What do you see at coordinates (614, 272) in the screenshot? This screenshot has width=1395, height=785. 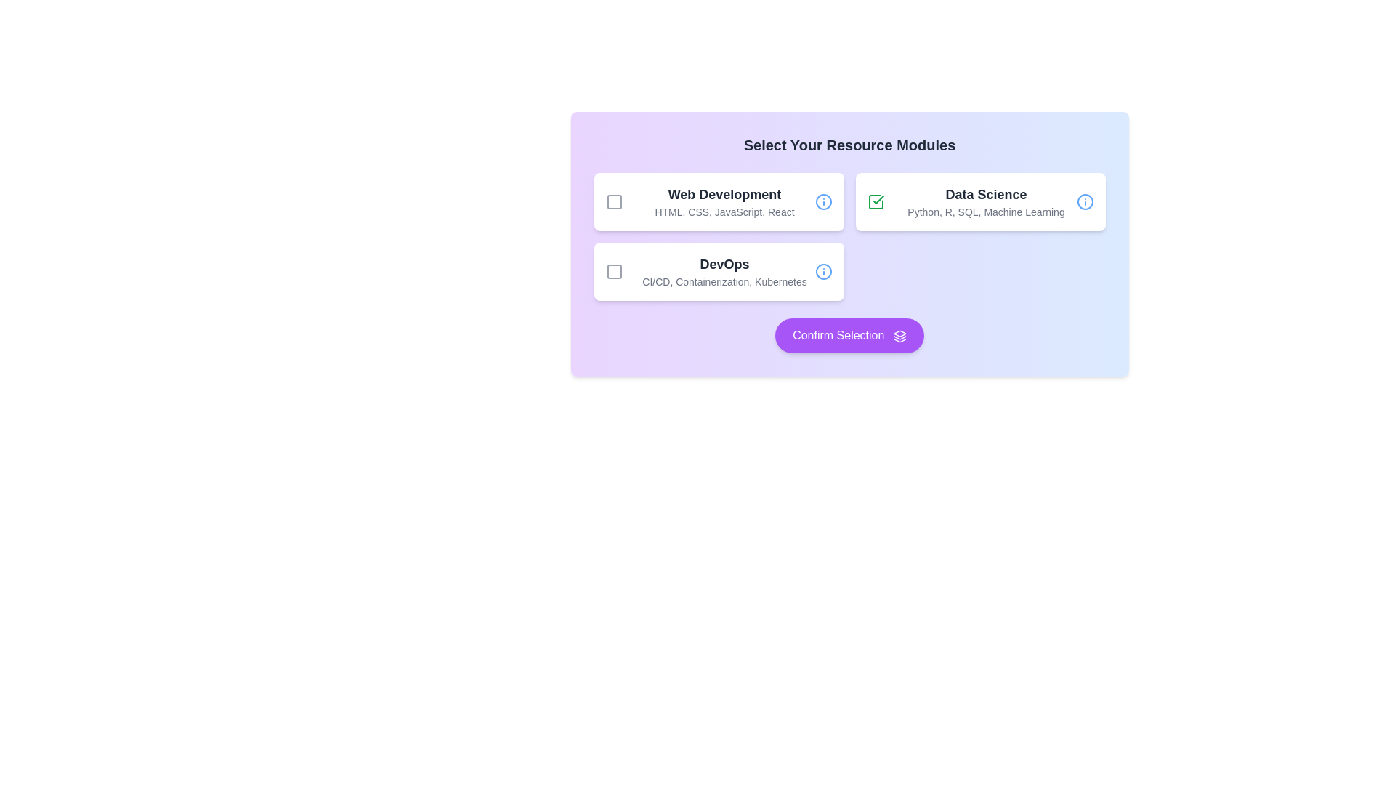 I see `the checkbox located at the left edge of the card labeled 'DevOps'` at bounding box center [614, 272].